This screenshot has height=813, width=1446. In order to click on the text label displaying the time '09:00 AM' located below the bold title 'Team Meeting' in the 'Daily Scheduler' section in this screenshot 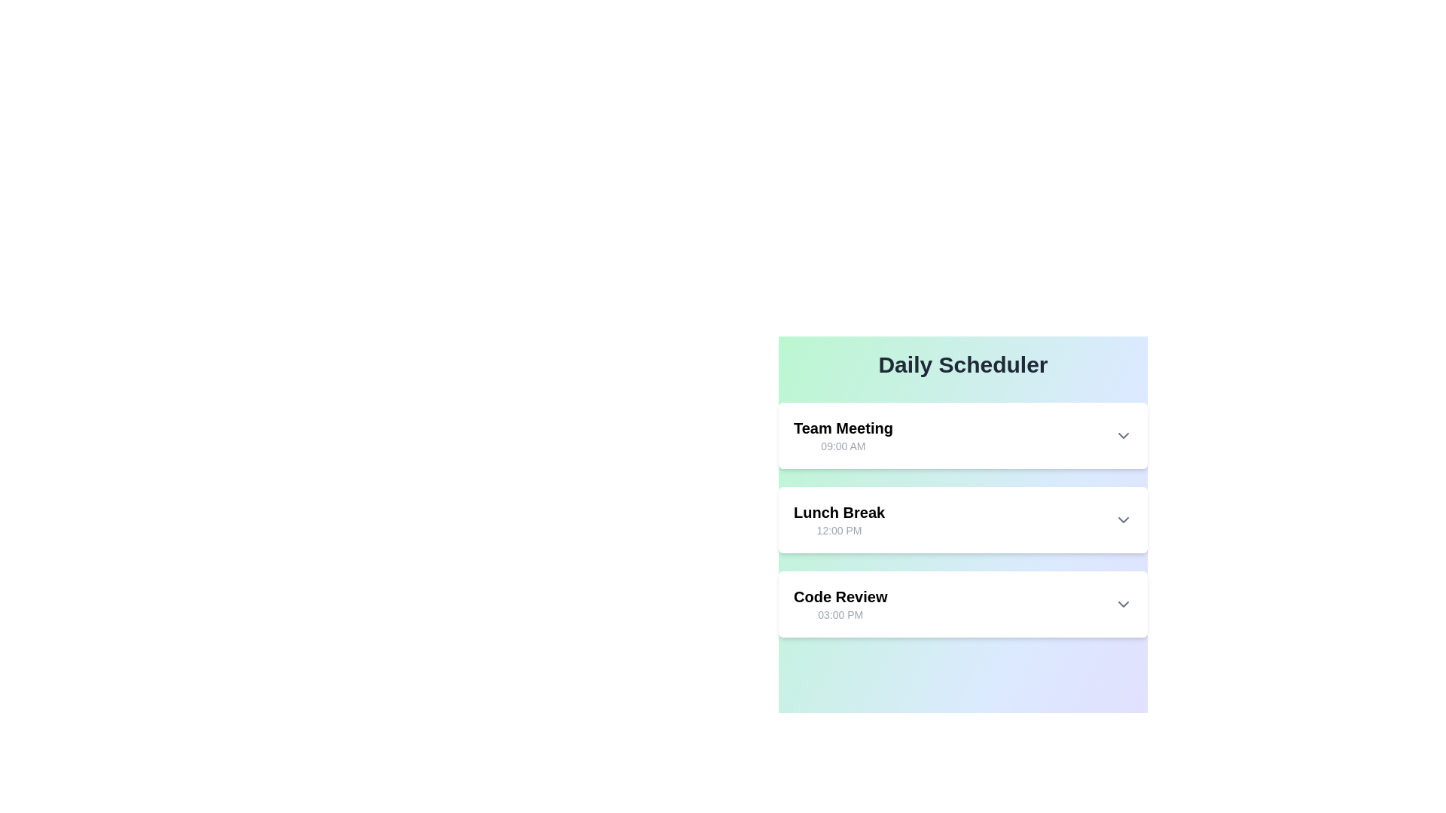, I will do `click(842, 446)`.